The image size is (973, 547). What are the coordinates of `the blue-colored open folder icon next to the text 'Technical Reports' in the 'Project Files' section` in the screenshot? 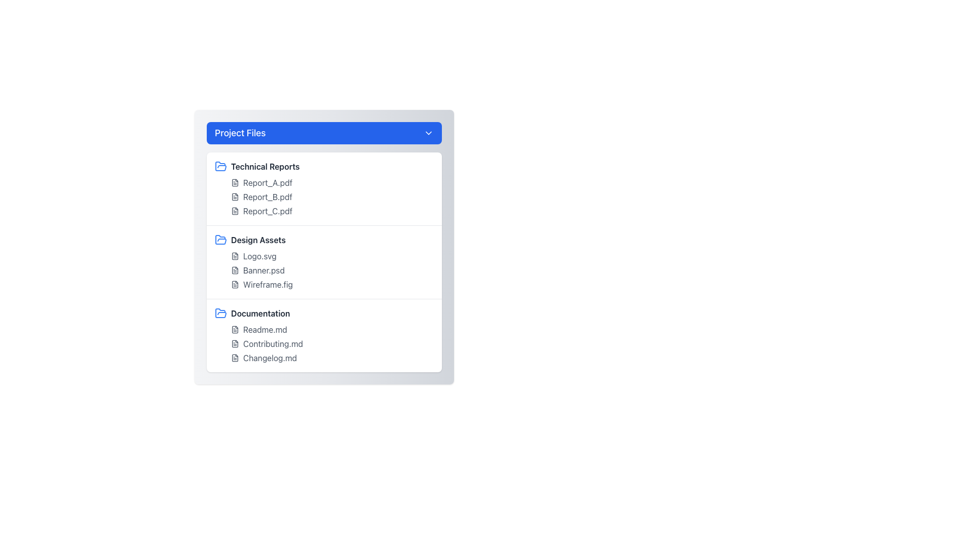 It's located at (220, 166).